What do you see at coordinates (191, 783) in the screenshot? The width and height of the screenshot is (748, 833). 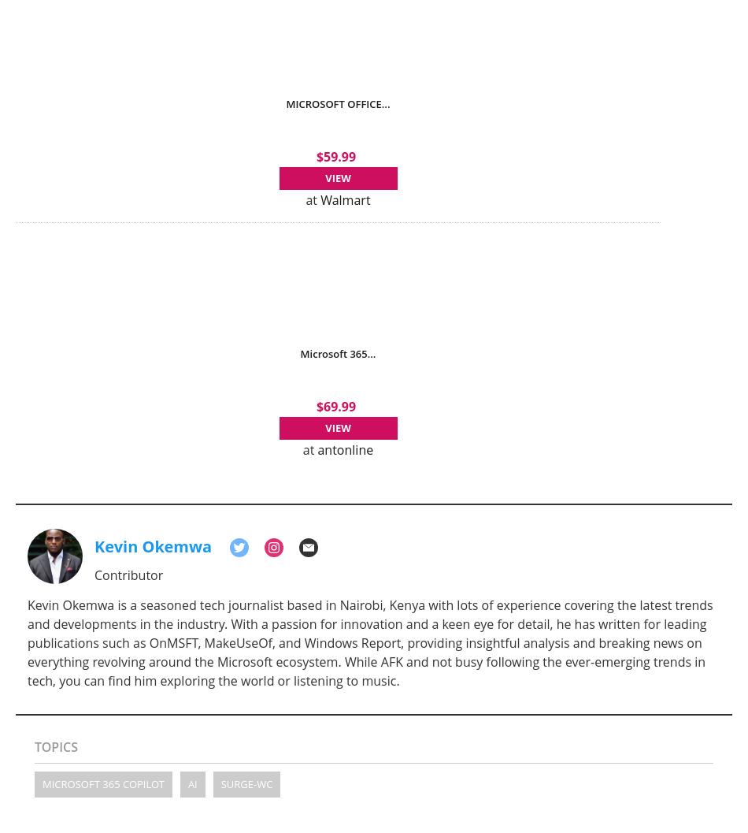 I see `'AI'` at bounding box center [191, 783].